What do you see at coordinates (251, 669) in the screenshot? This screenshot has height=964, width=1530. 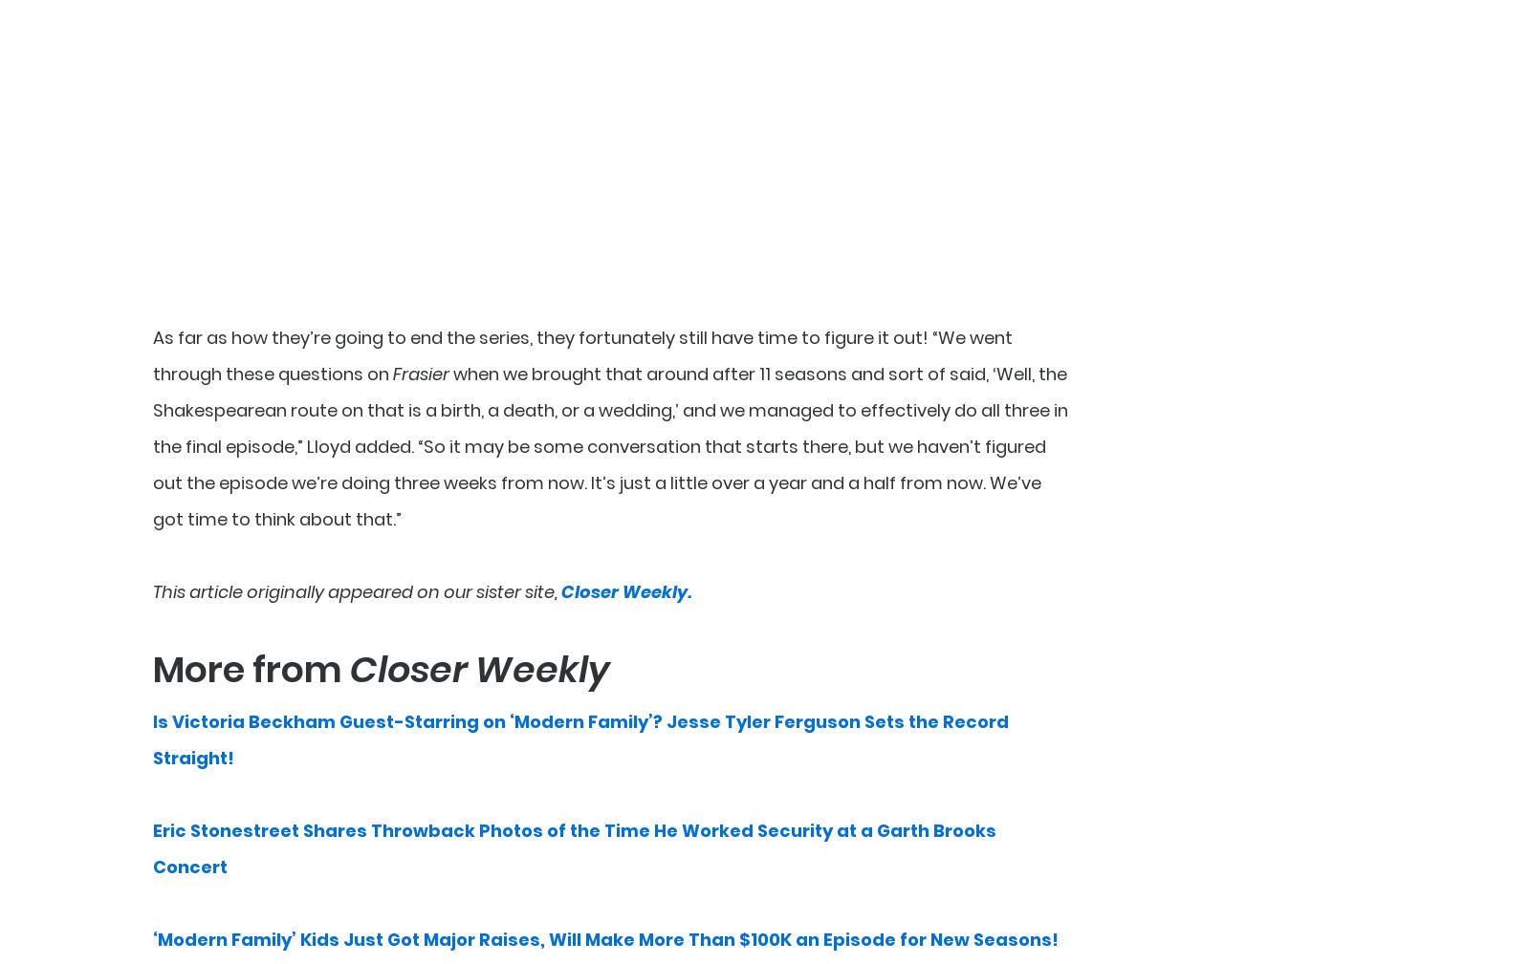 I see `'More from'` at bounding box center [251, 669].